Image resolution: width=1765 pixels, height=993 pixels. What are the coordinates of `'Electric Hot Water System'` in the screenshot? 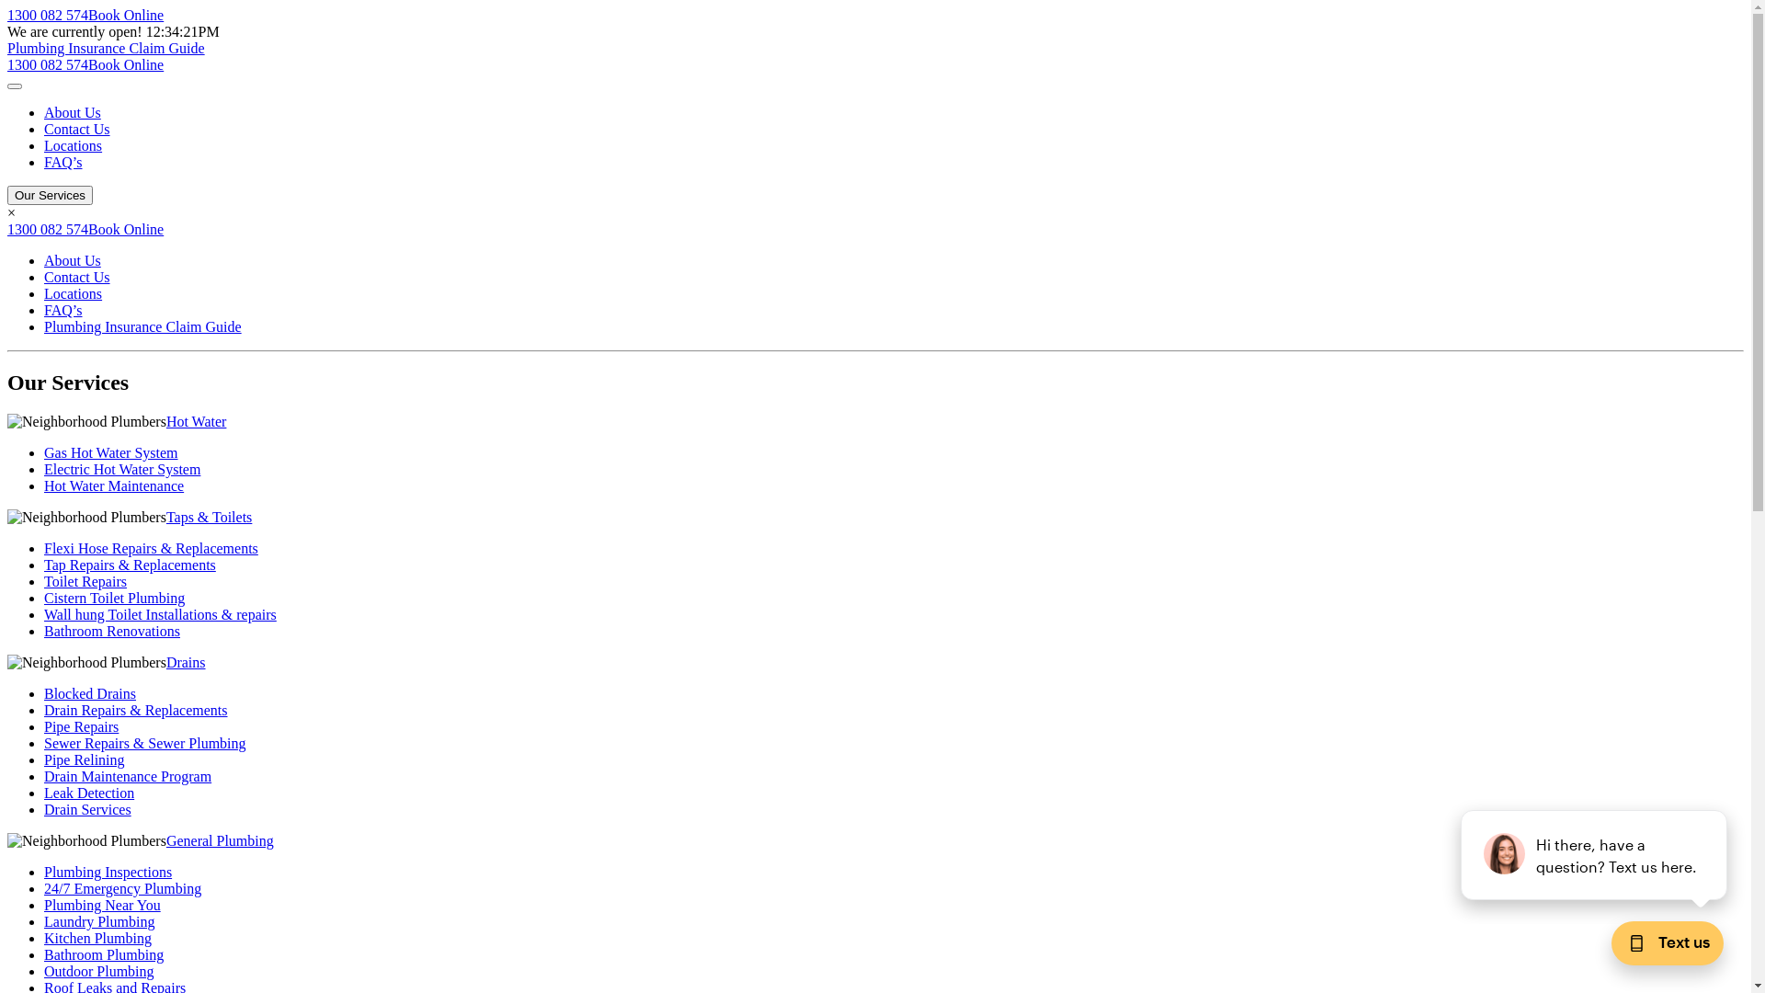 It's located at (121, 468).